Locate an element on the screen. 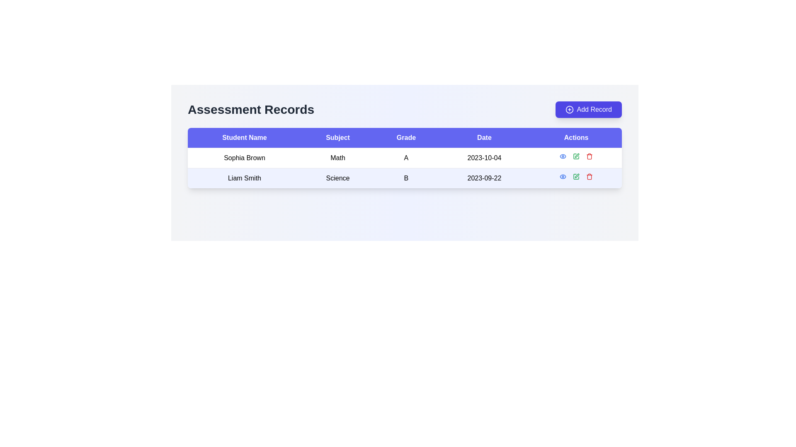  the arc-shaped segment that is part of the eye-shaped icon located in the 'Actions' column of the second row of the table is located at coordinates (563, 156).